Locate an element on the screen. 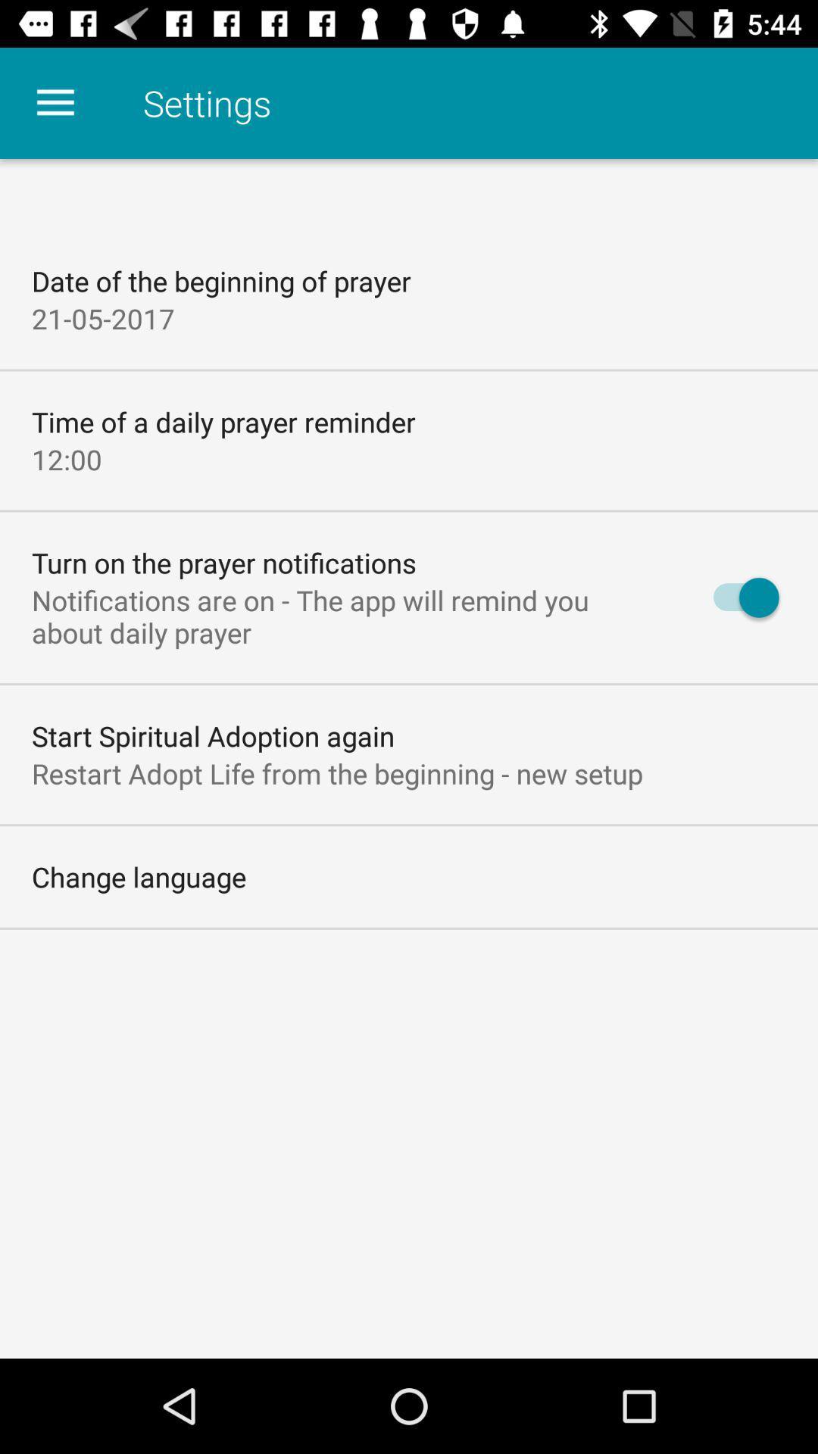 The image size is (818, 1454). icon to the right of notifications are on icon is located at coordinates (738, 597).